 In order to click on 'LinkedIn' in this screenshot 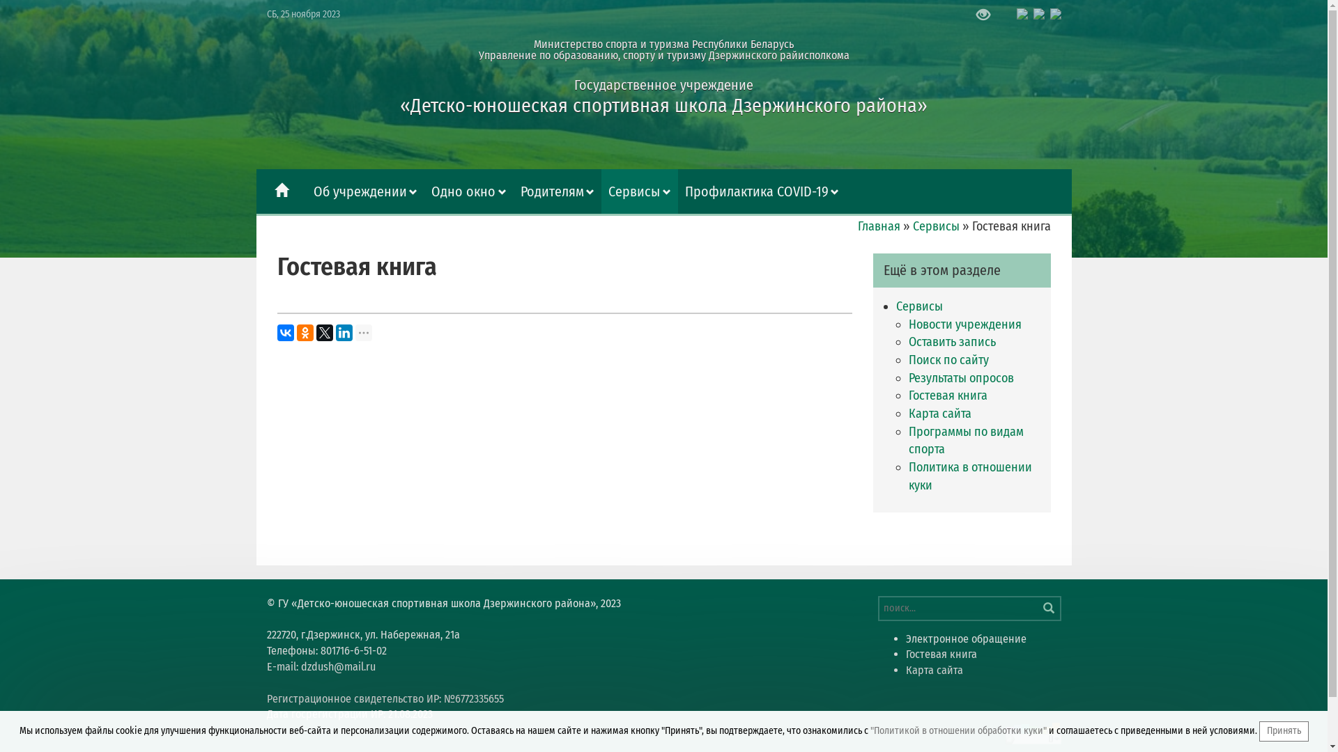, I will do `click(344, 333)`.